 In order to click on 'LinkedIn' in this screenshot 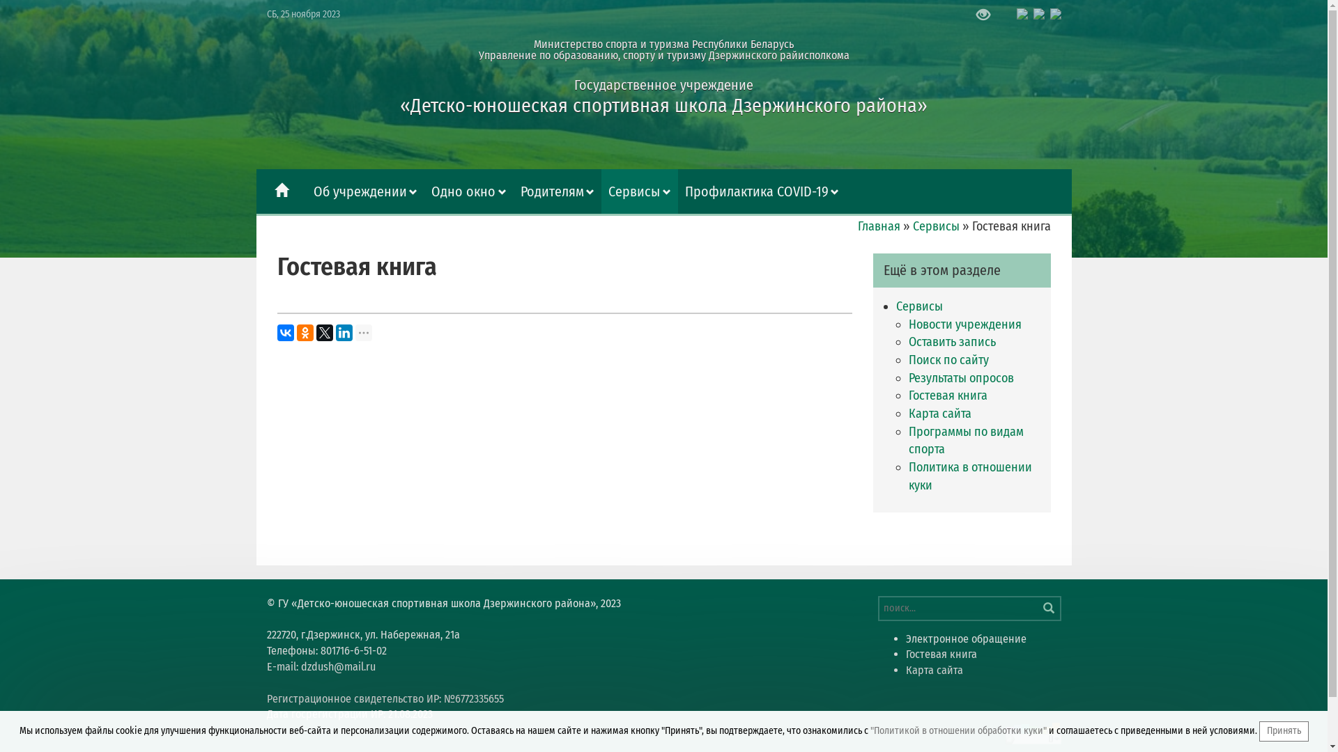, I will do `click(344, 333)`.